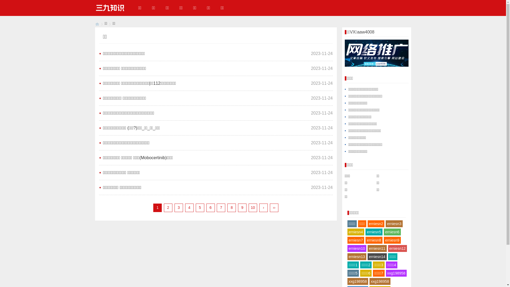  What do you see at coordinates (175, 208) in the screenshot?
I see `'3'` at bounding box center [175, 208].